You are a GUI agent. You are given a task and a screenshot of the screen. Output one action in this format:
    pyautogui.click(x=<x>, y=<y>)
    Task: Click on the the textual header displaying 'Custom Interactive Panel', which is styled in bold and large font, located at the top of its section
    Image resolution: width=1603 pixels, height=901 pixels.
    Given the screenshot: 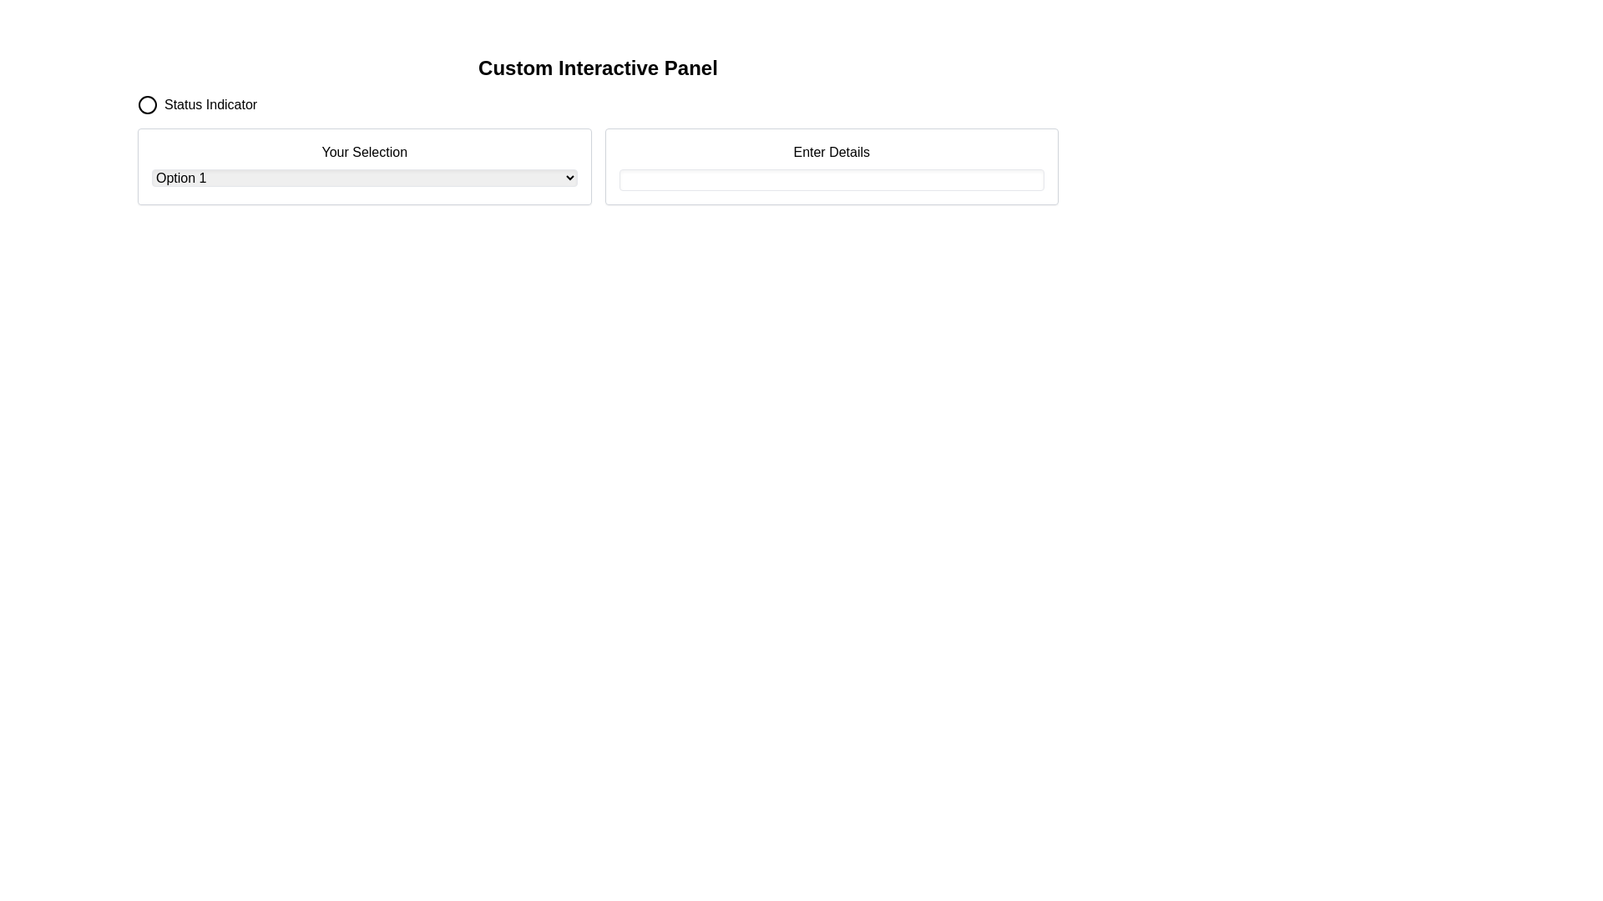 What is the action you would take?
    pyautogui.click(x=598, y=67)
    